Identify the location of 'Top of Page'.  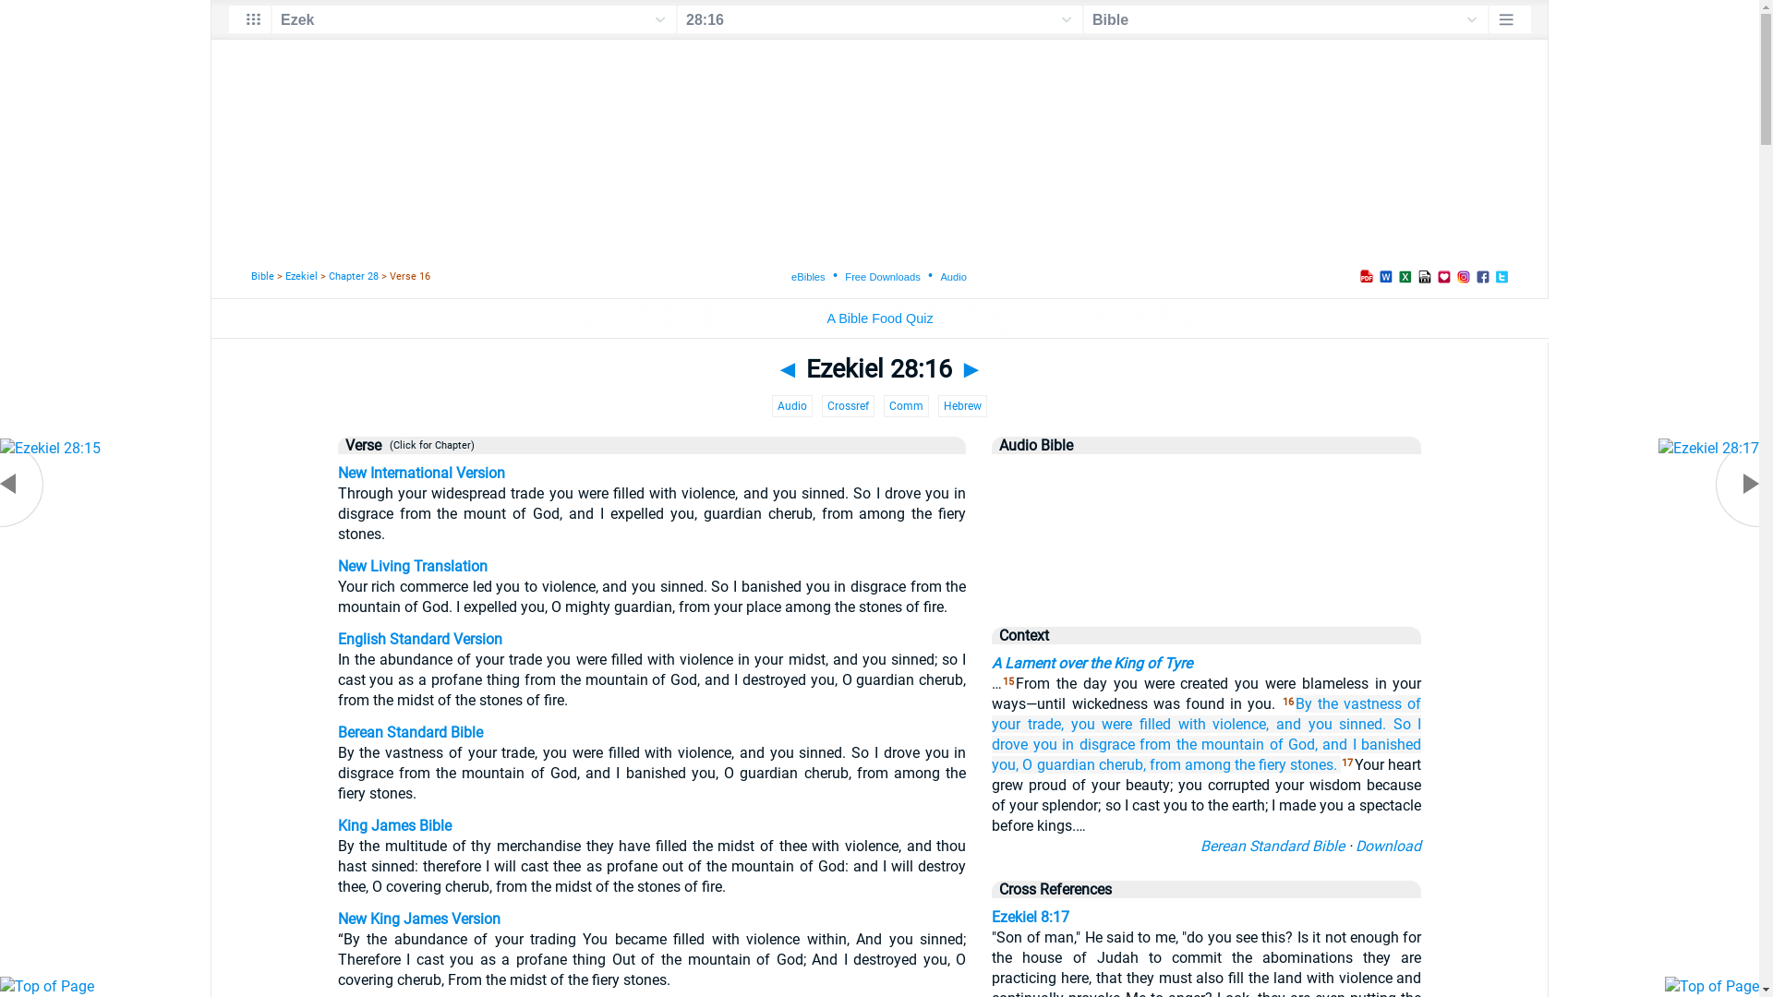
(1710, 985).